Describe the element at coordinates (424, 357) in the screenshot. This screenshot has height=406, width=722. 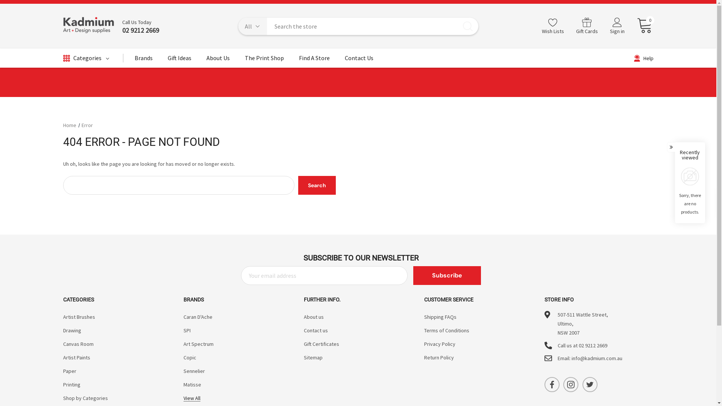
I see `'Return Policy'` at that location.